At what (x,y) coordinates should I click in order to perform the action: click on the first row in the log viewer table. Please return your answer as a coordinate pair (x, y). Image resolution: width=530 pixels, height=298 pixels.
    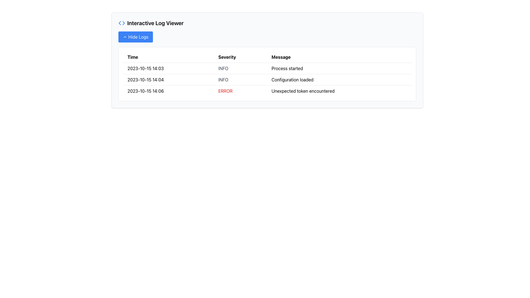
    Looking at the image, I should click on (267, 68).